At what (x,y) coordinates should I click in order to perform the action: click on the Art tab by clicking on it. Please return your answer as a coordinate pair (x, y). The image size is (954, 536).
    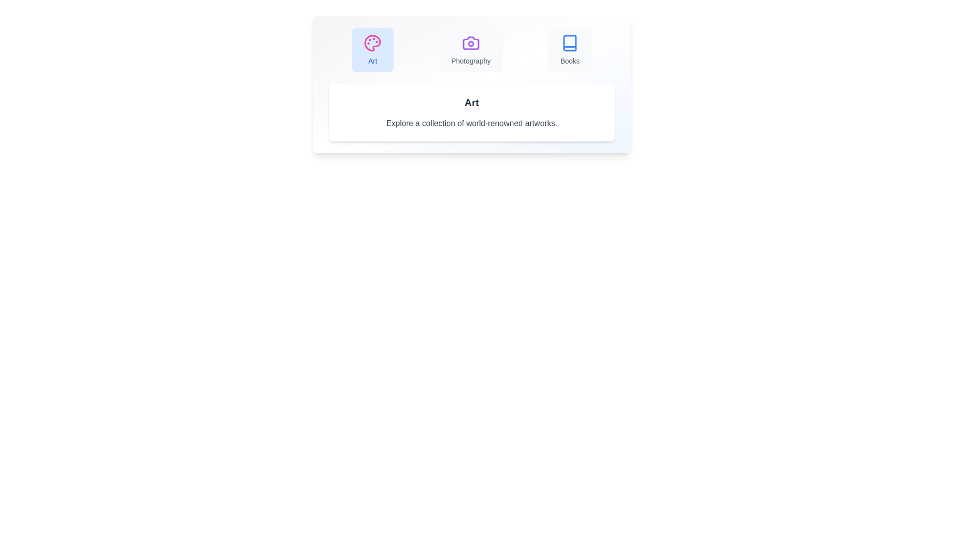
    Looking at the image, I should click on (372, 50).